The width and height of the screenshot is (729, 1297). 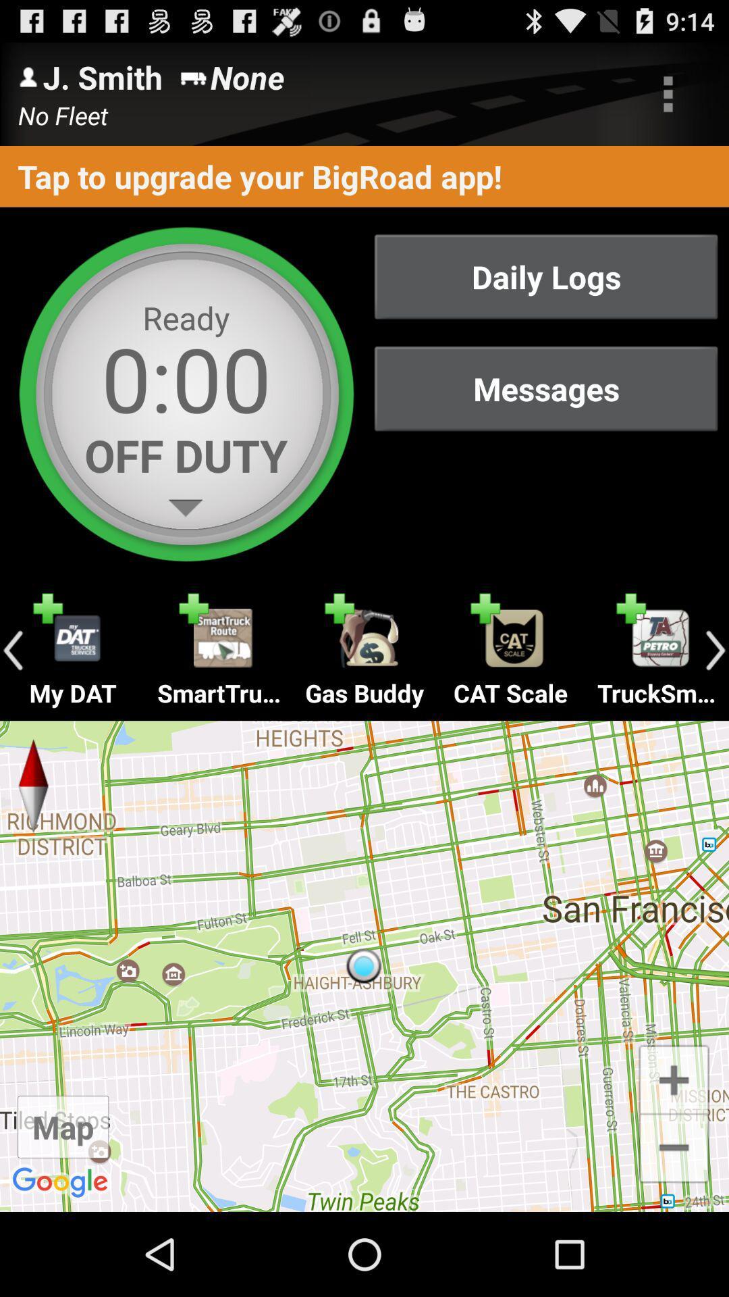 I want to click on item below the my dat item, so click(x=364, y=965).